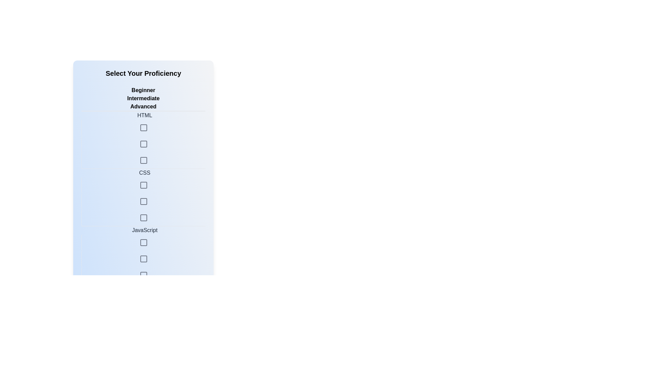 Image resolution: width=654 pixels, height=367 pixels. What do you see at coordinates (143, 225) in the screenshot?
I see `the skill level Beginner for the skill JavaScript` at bounding box center [143, 225].